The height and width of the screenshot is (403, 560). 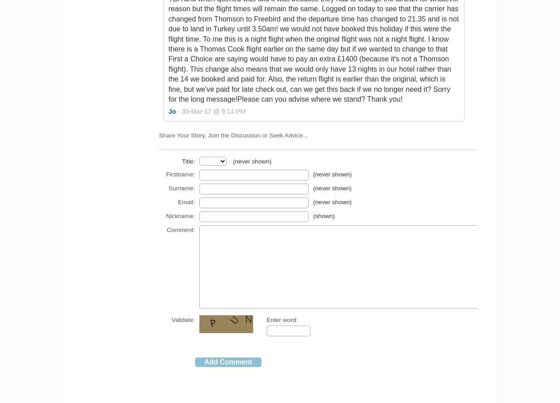 What do you see at coordinates (165, 174) in the screenshot?
I see `'Firstname:'` at bounding box center [165, 174].